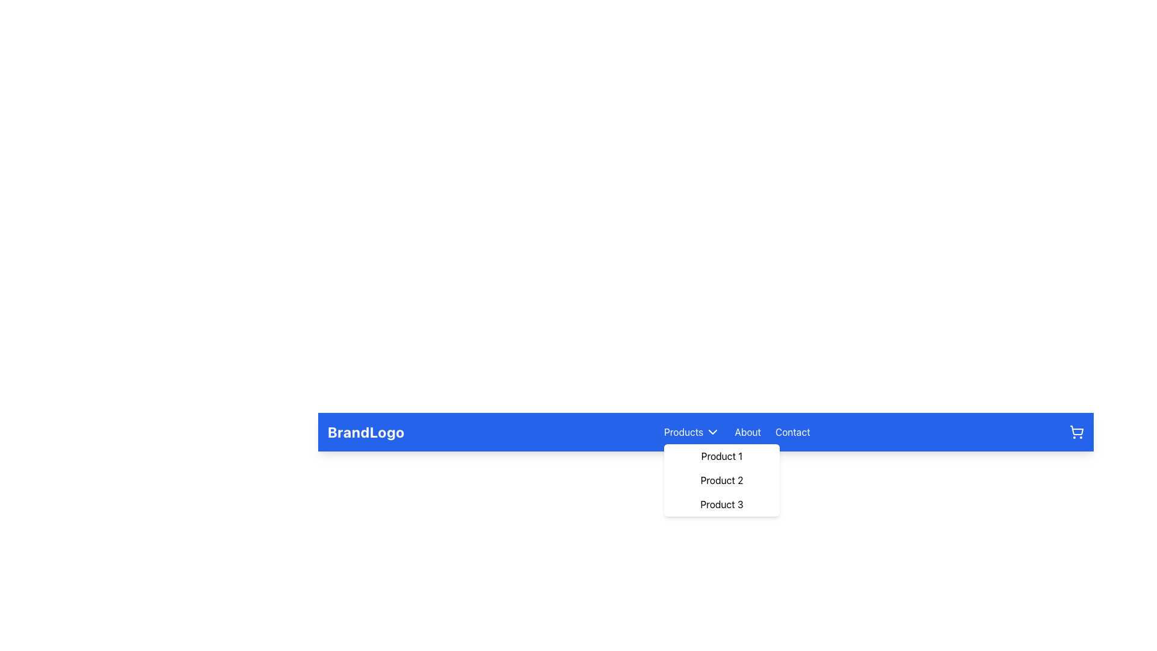 The height and width of the screenshot is (651, 1157). Describe the element at coordinates (365, 432) in the screenshot. I see `the 'BrandLogo' static text located on the blue navigation bar` at that location.